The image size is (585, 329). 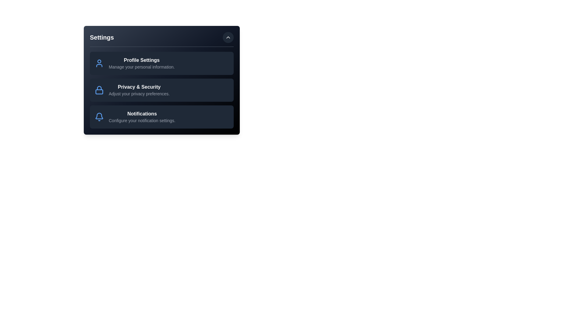 What do you see at coordinates (162, 63) in the screenshot?
I see `the settings category Profile Settings by clicking on its corresponding list item` at bounding box center [162, 63].